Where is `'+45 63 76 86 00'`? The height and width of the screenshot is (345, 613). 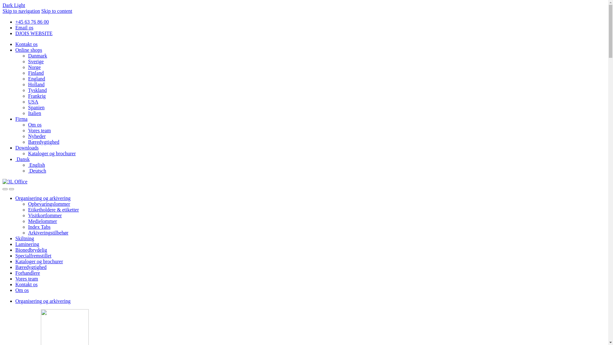
'+45 63 76 86 00' is located at coordinates (32, 21).